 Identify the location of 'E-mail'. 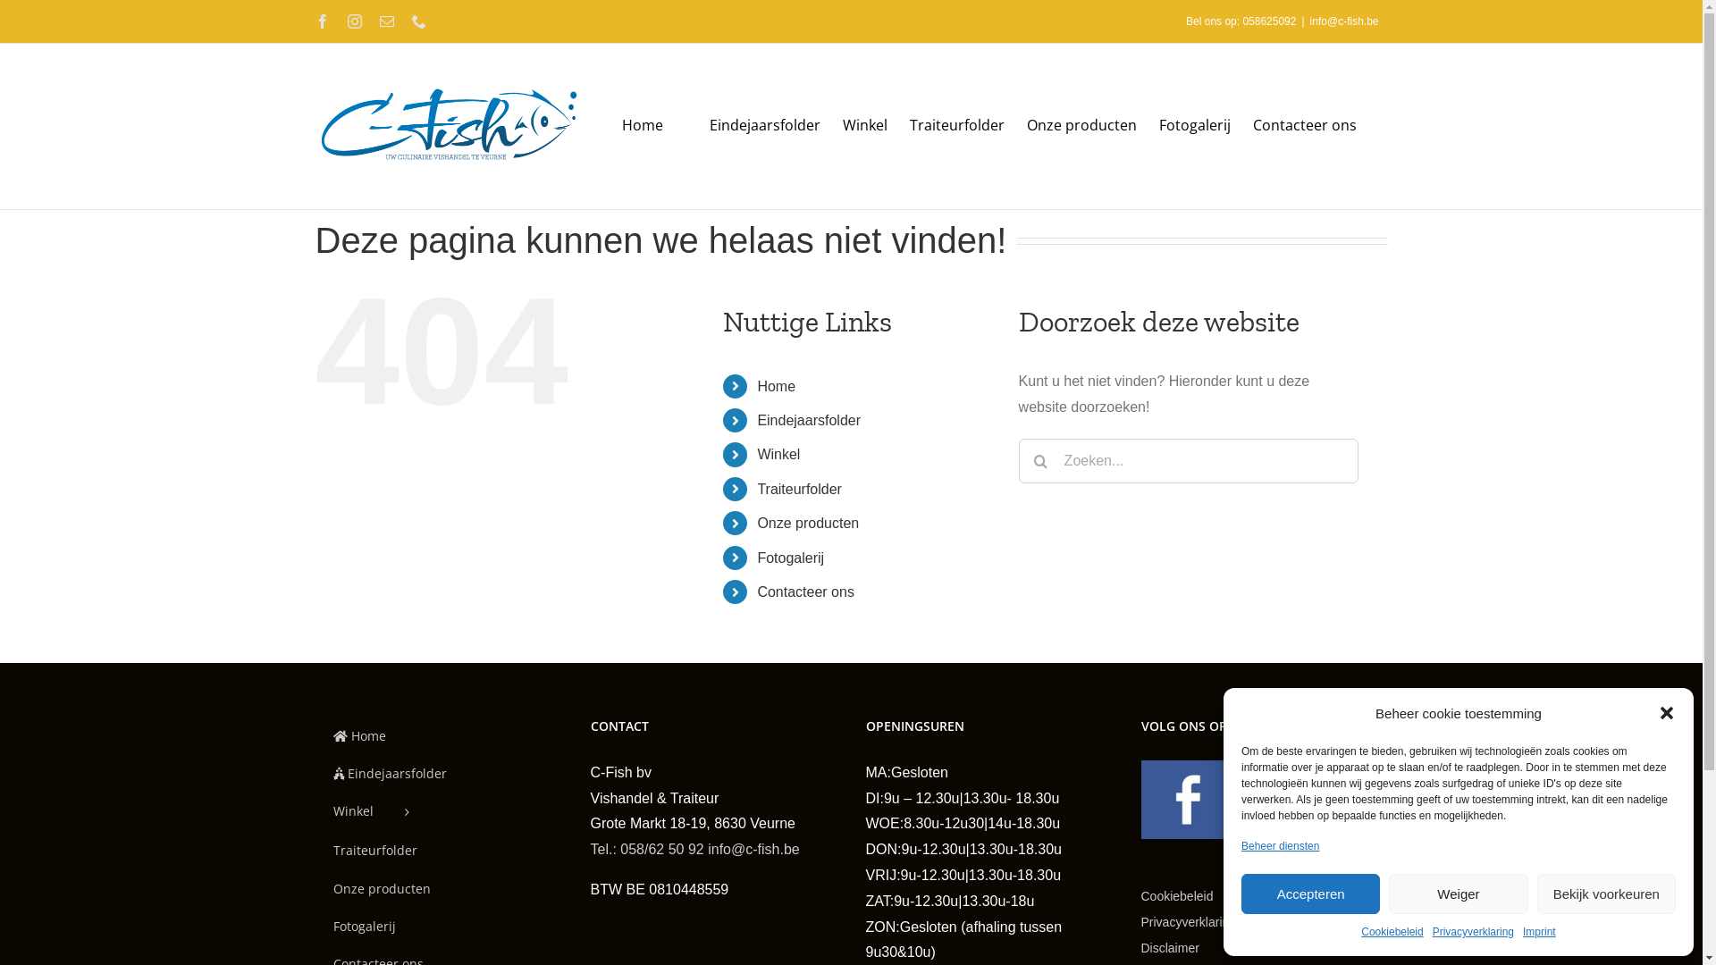
(377, 21).